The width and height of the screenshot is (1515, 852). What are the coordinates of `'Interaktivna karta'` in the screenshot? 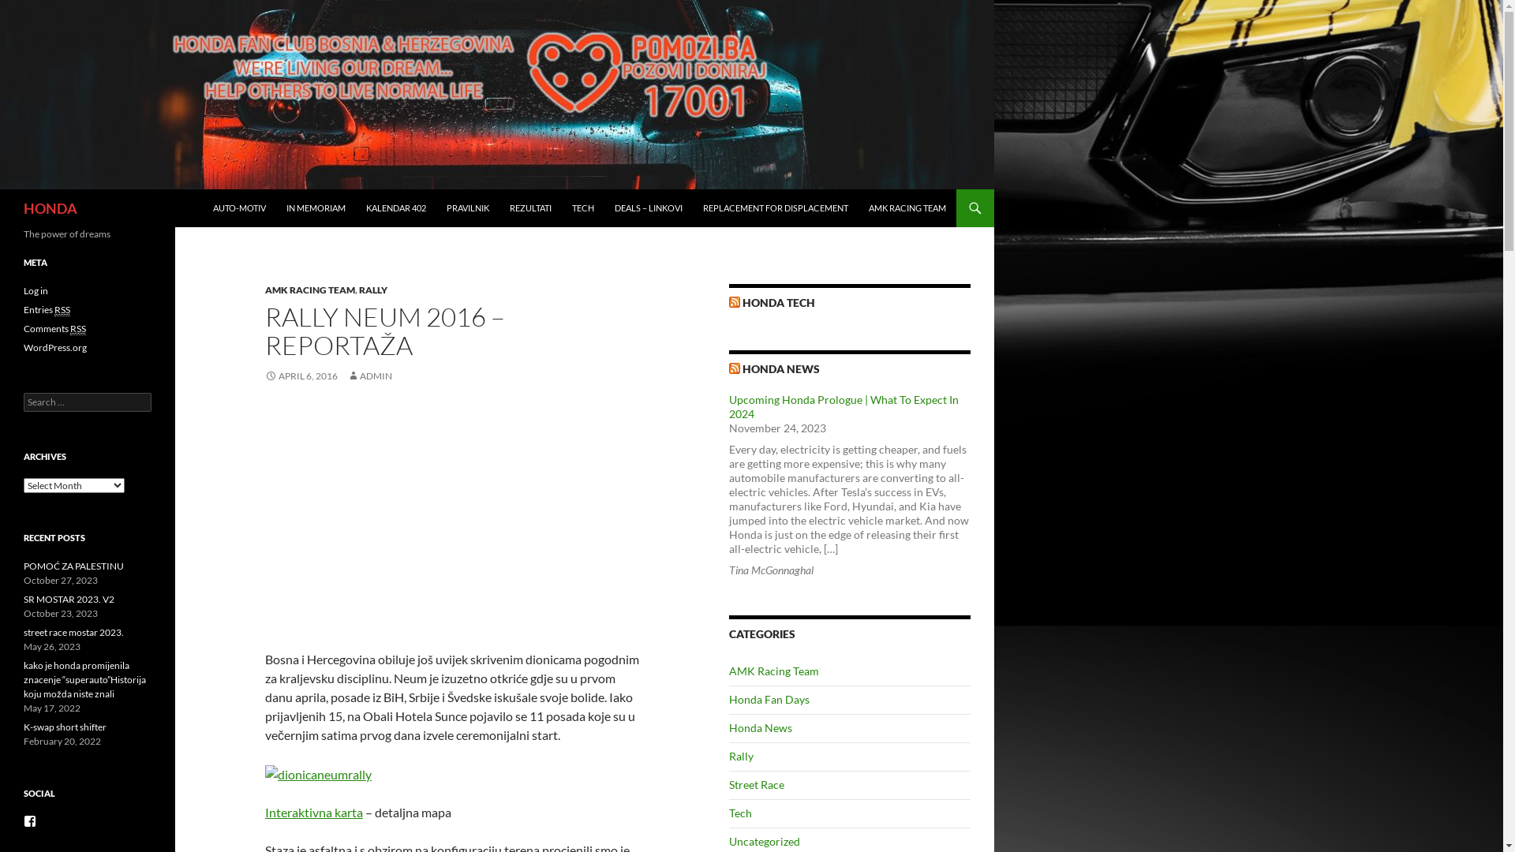 It's located at (314, 812).